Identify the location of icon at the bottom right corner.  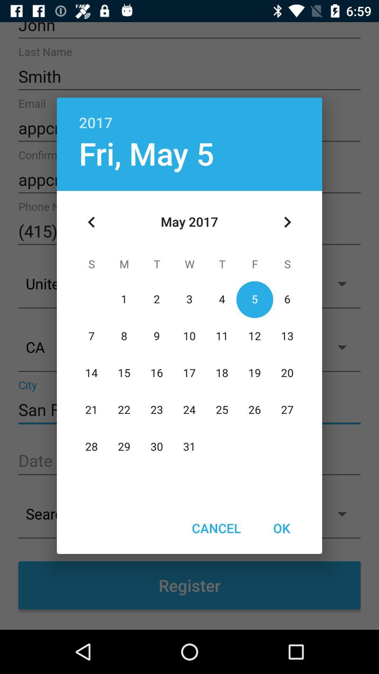
(281, 528).